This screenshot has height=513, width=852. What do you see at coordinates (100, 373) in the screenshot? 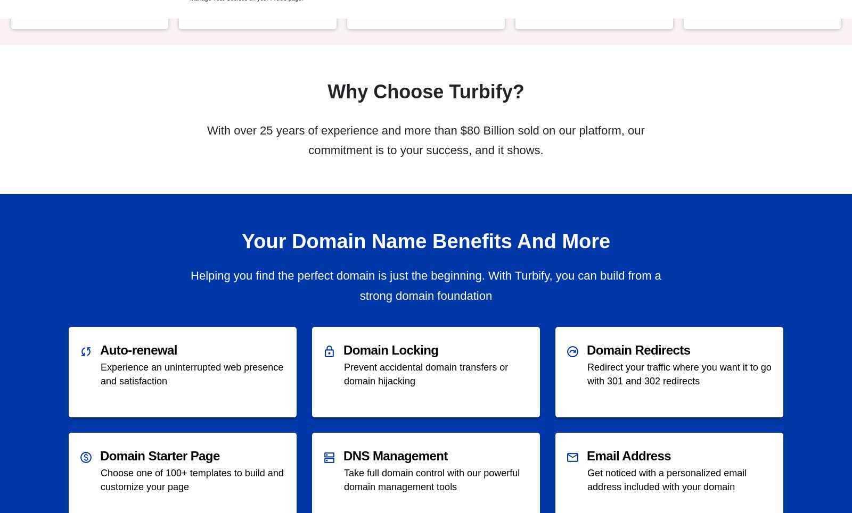
I see `'Experience an uninterrupted web presence and satisfaction'` at bounding box center [100, 373].